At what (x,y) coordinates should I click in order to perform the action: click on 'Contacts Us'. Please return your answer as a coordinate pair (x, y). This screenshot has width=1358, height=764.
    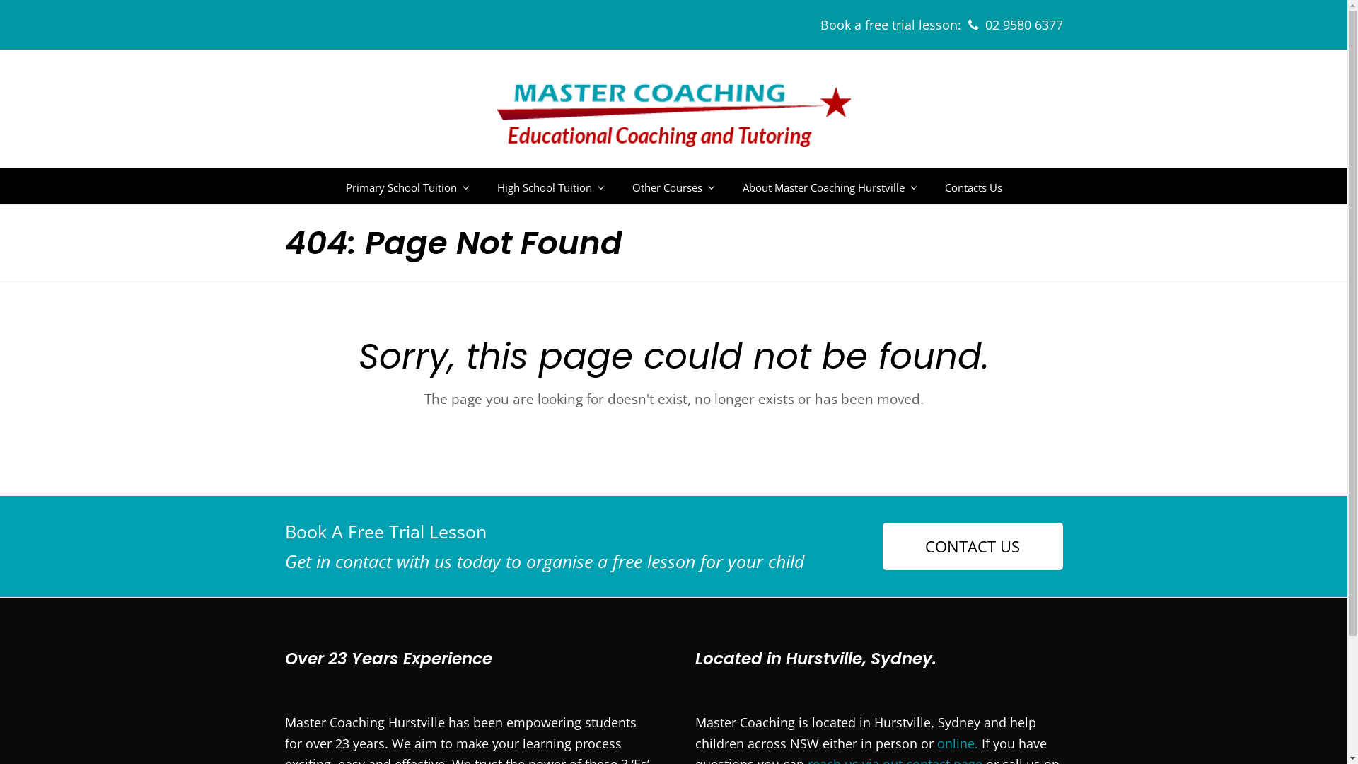
    Looking at the image, I should click on (972, 185).